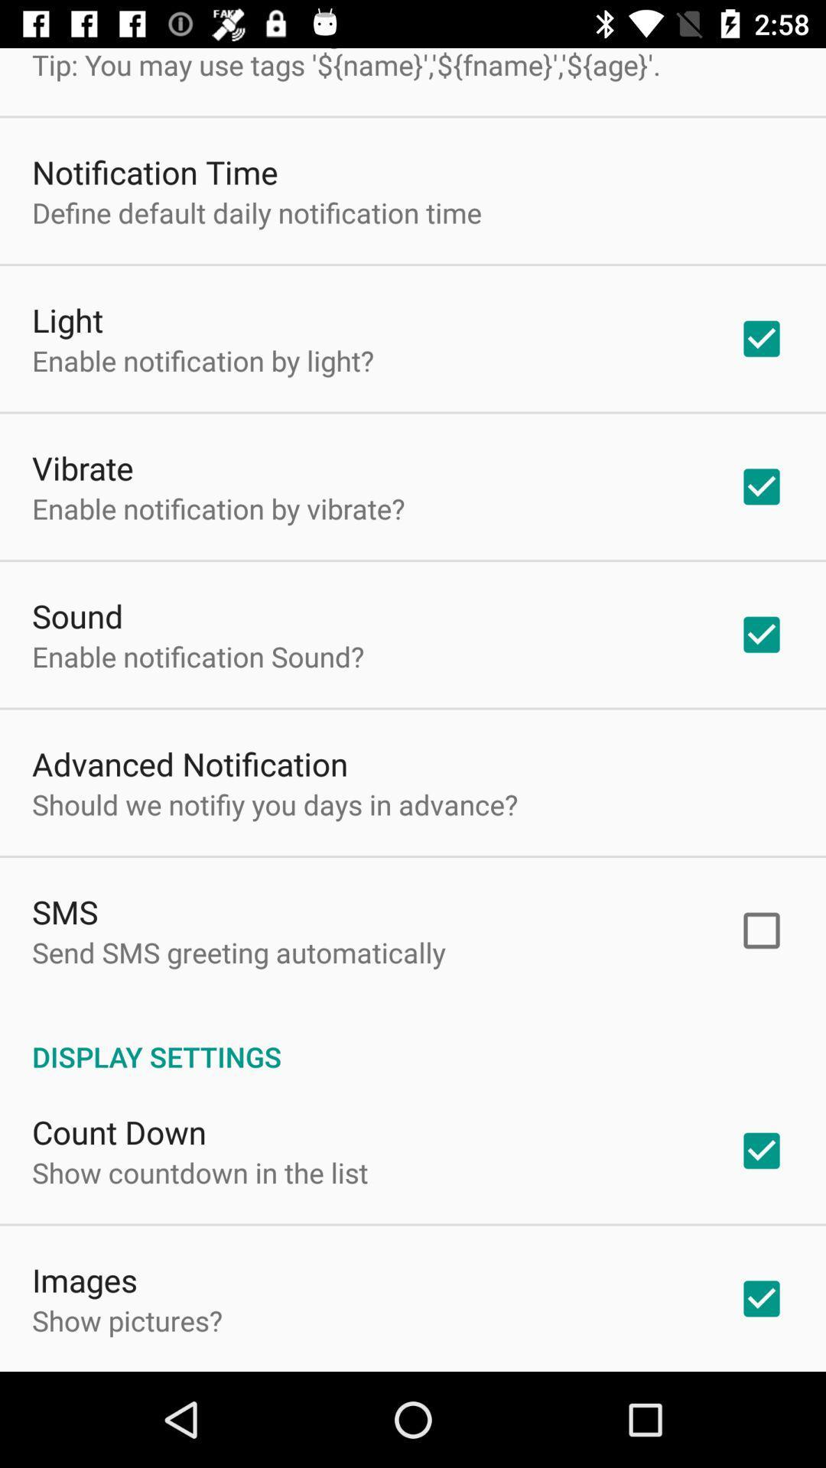  I want to click on the define default daily app, so click(255, 212).